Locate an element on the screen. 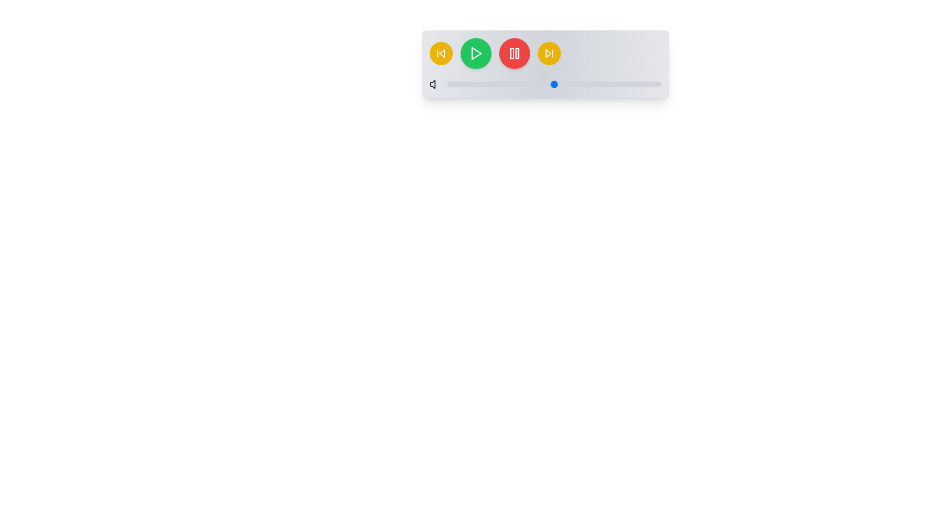  the yellow circular button's skip forward icon located at the far right side of the playback control bar to initiate the skip forward action is located at coordinates (548, 54).